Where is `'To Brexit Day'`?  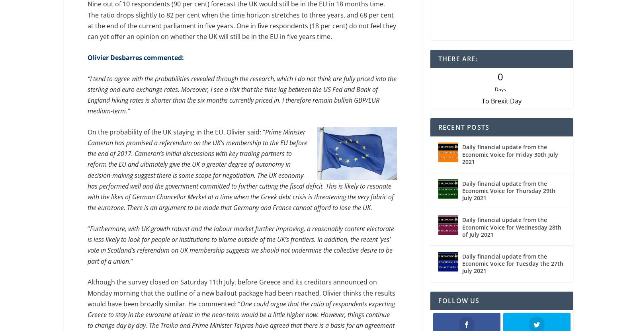
'To Brexit Day' is located at coordinates (481, 102).